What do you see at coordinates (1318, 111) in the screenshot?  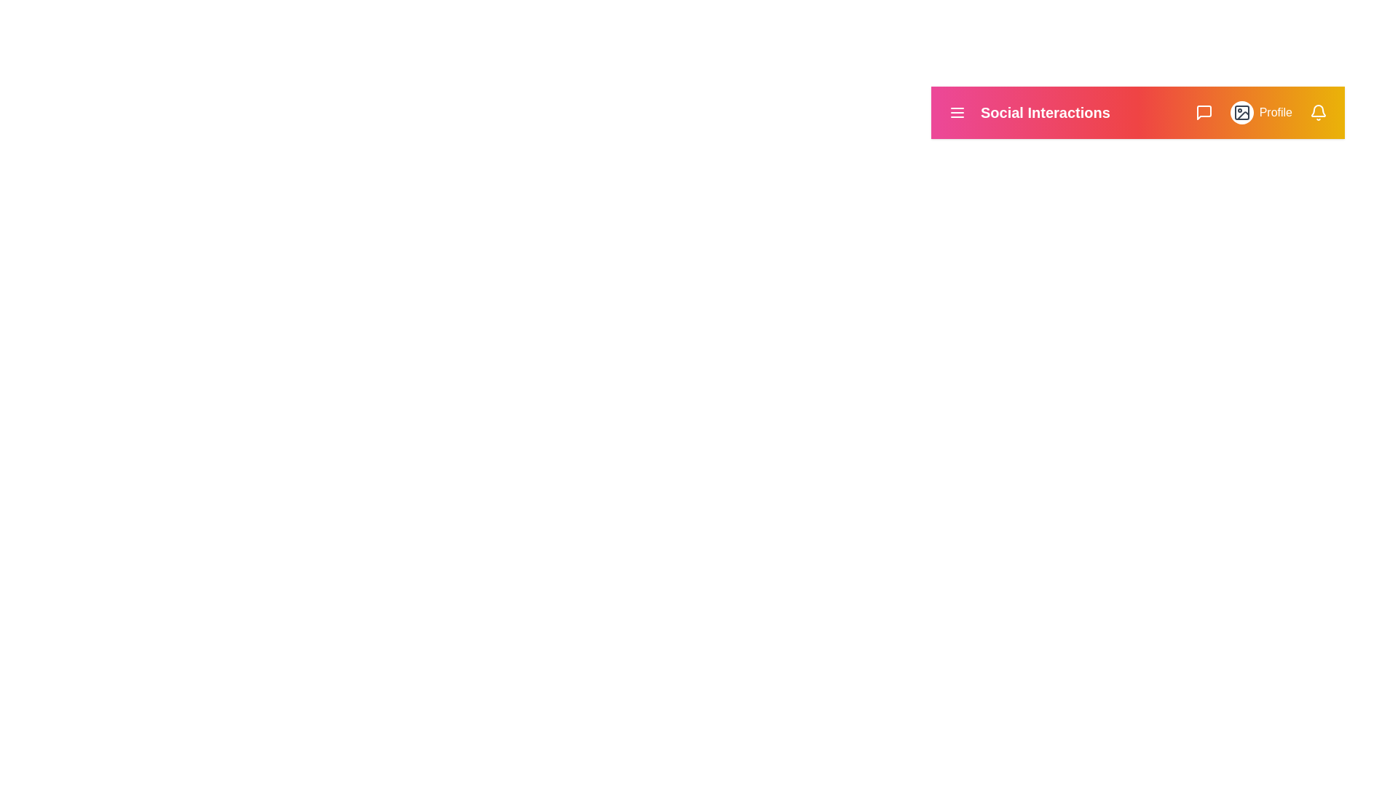 I see `the notifications icon to view notifications` at bounding box center [1318, 111].